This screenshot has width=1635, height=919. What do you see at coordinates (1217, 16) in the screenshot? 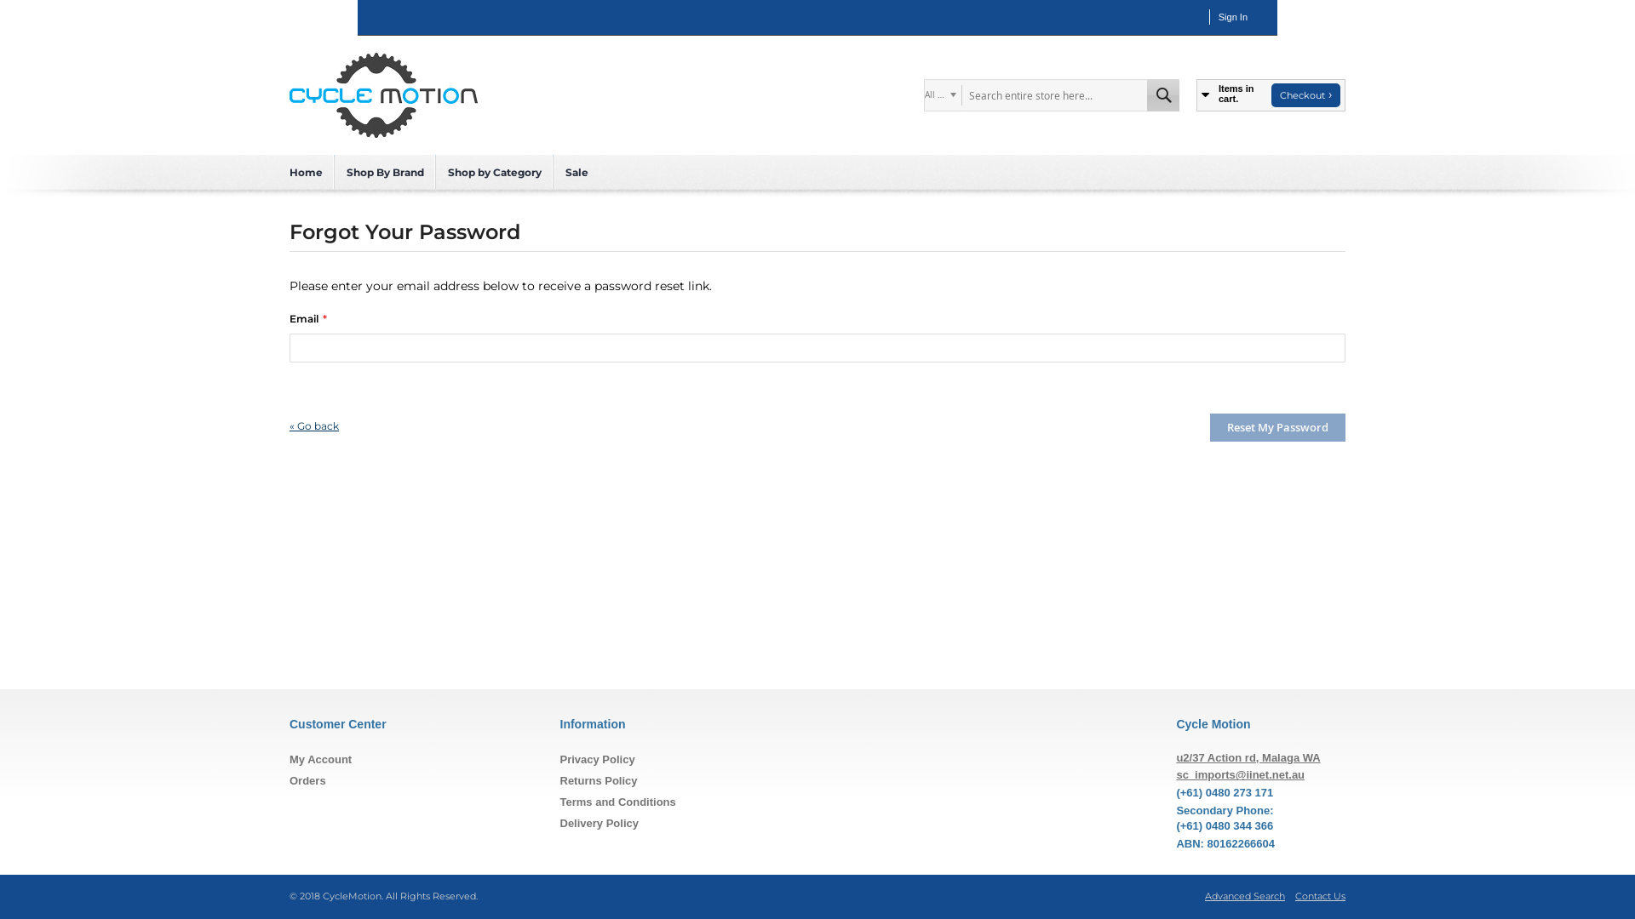
I see `'Sign In'` at bounding box center [1217, 16].